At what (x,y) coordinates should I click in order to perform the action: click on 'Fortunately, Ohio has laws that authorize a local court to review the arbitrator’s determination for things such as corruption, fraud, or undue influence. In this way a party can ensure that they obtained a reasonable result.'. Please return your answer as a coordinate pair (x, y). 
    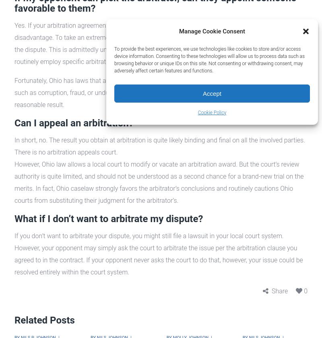
    Looking at the image, I should click on (159, 93).